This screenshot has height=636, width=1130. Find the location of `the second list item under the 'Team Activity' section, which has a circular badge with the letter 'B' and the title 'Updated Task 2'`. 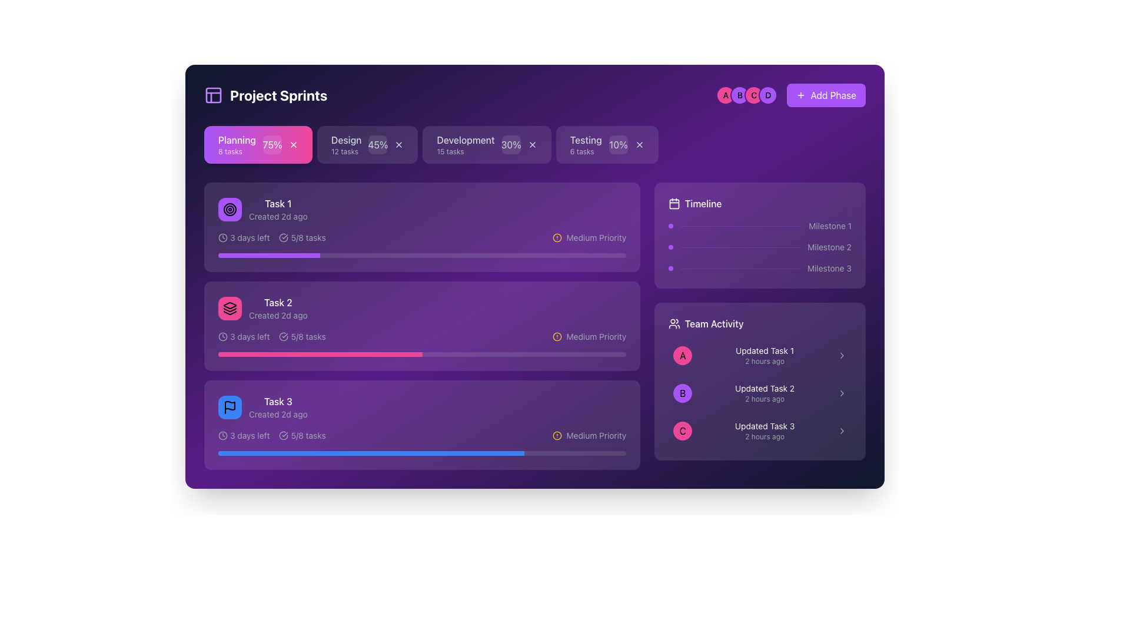

the second list item under the 'Team Activity' section, which has a circular badge with the letter 'B' and the title 'Updated Task 2' is located at coordinates (760, 393).